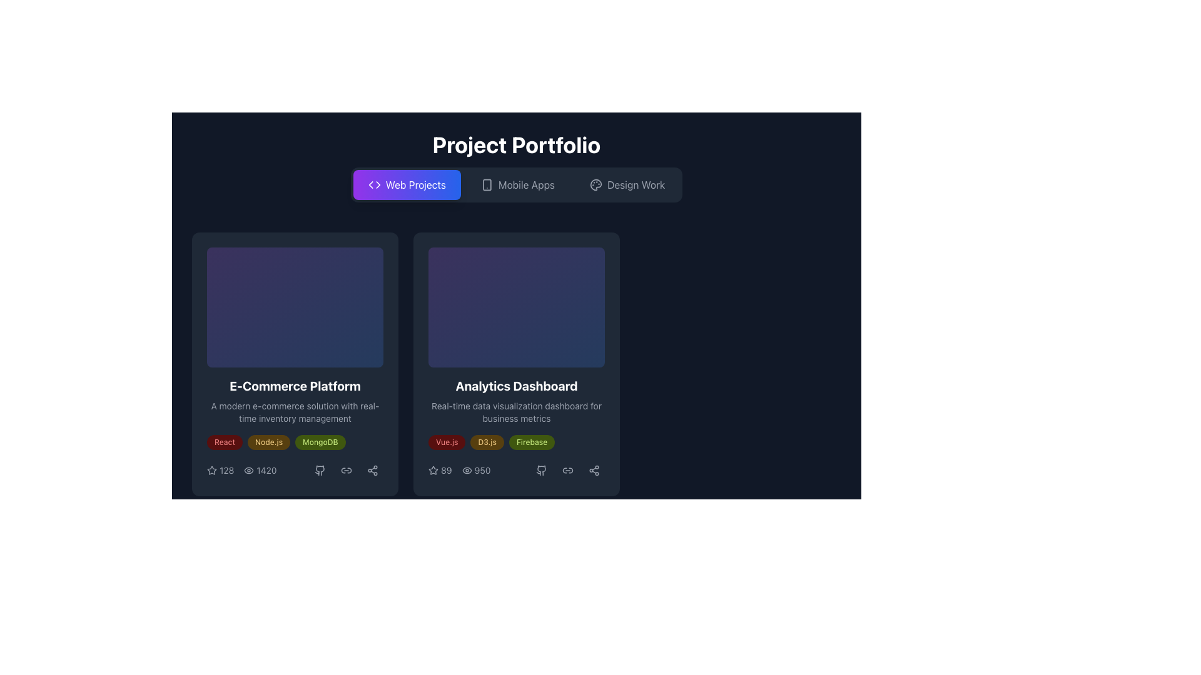 This screenshot has height=675, width=1201. Describe the element at coordinates (466, 470) in the screenshot. I see `the eye icon located in the analytics dashboard card, positioned to the left of the numeric display '950'` at that location.